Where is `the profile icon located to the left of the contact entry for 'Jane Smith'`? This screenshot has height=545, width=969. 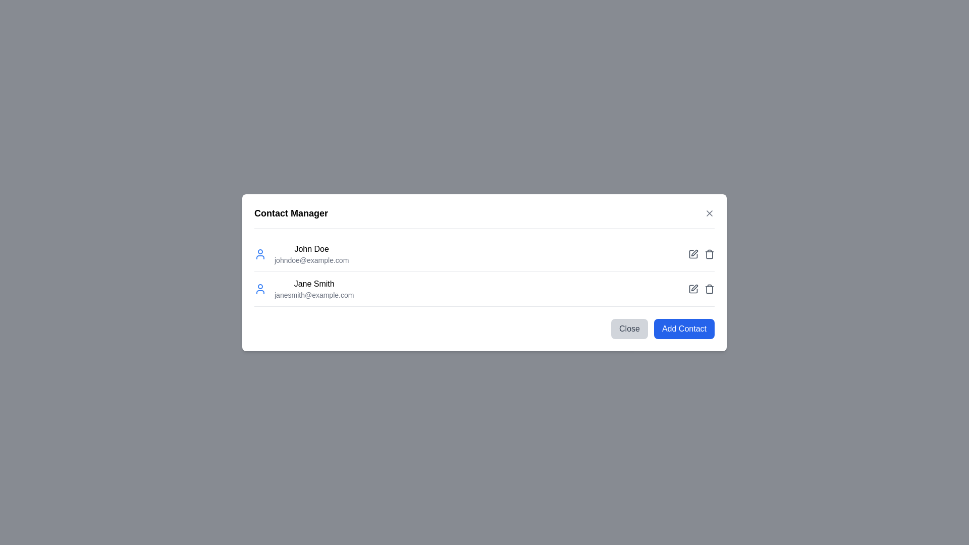
the profile icon located to the left of the contact entry for 'Jane Smith' is located at coordinates (260, 288).